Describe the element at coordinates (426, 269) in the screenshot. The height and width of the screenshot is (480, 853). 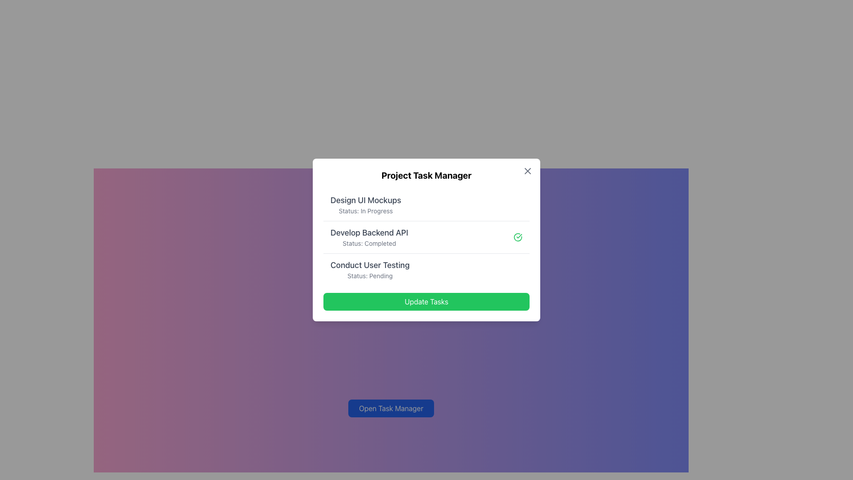
I see `the task entry displaying 'Conduct User Testing' within the task list in the project management interface` at that location.